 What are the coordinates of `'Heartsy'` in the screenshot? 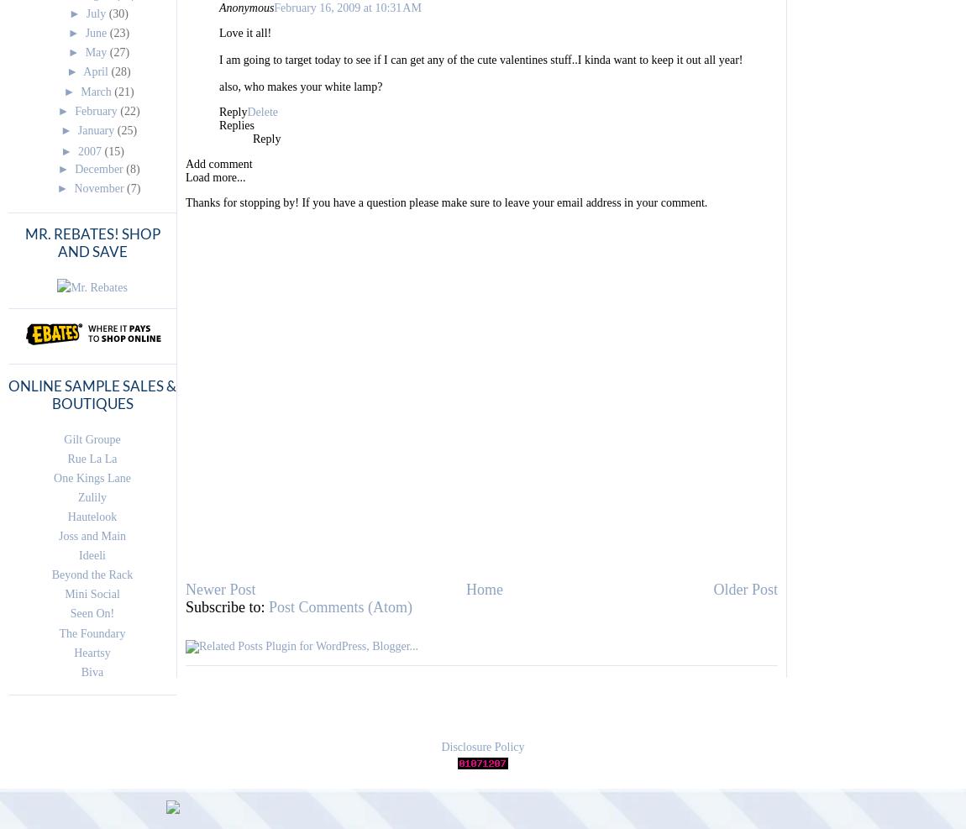 It's located at (91, 652).